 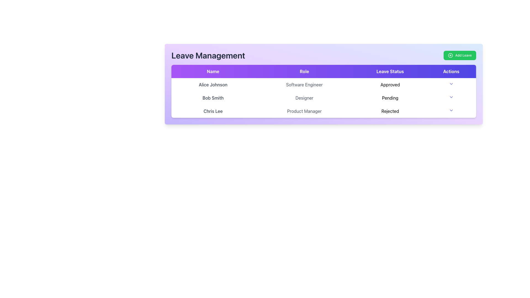 I want to click on the 'Name' column header in the table to associate data under it, so click(x=213, y=71).